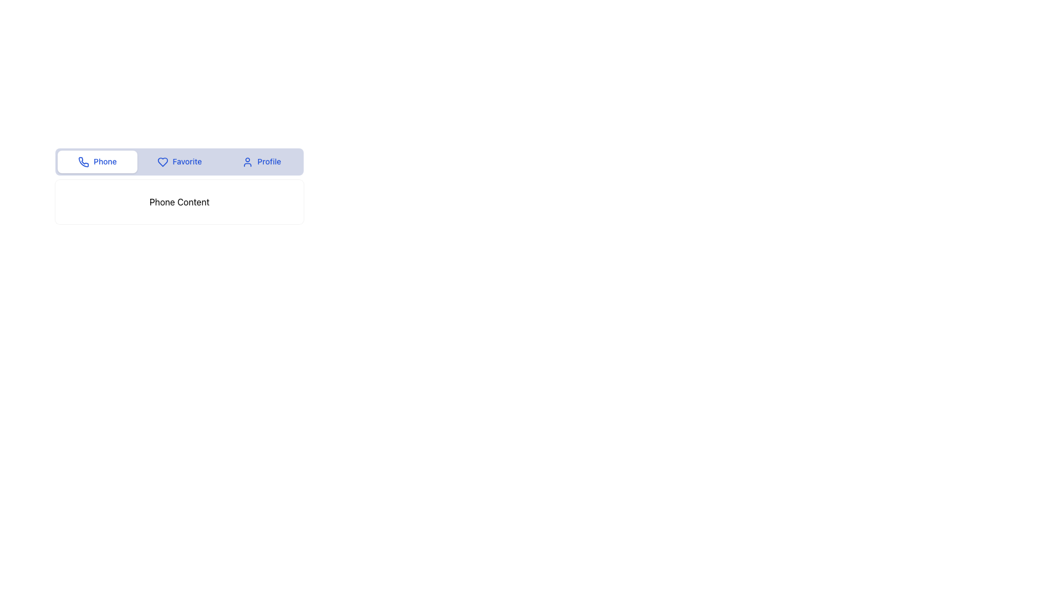 The image size is (1064, 598). Describe the element at coordinates (98, 162) in the screenshot. I see `the 'Phone' tab button, which is the first tab in the horizontal tab list at the top-left corner` at that location.